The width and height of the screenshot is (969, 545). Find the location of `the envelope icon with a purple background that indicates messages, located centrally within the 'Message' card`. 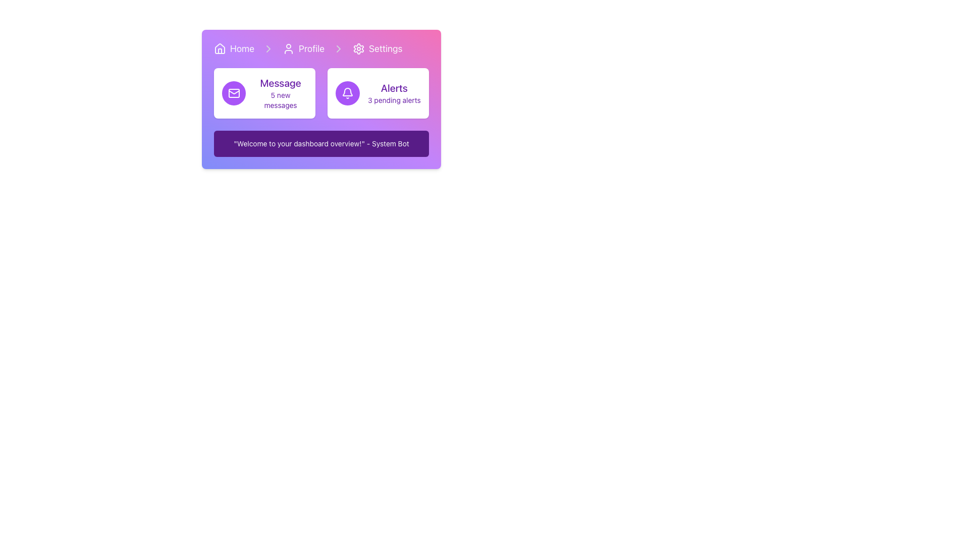

the envelope icon with a purple background that indicates messages, located centrally within the 'Message' card is located at coordinates (233, 93).